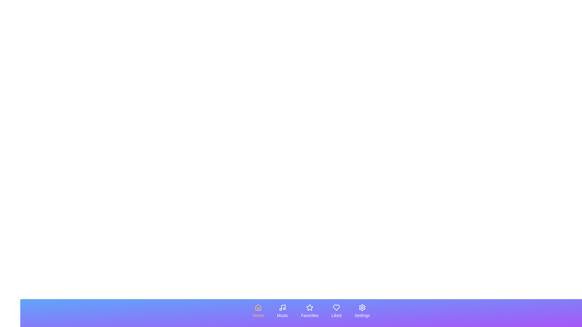 This screenshot has height=327, width=582. I want to click on the tab labeled Music by clicking on its icon or label, so click(282, 311).